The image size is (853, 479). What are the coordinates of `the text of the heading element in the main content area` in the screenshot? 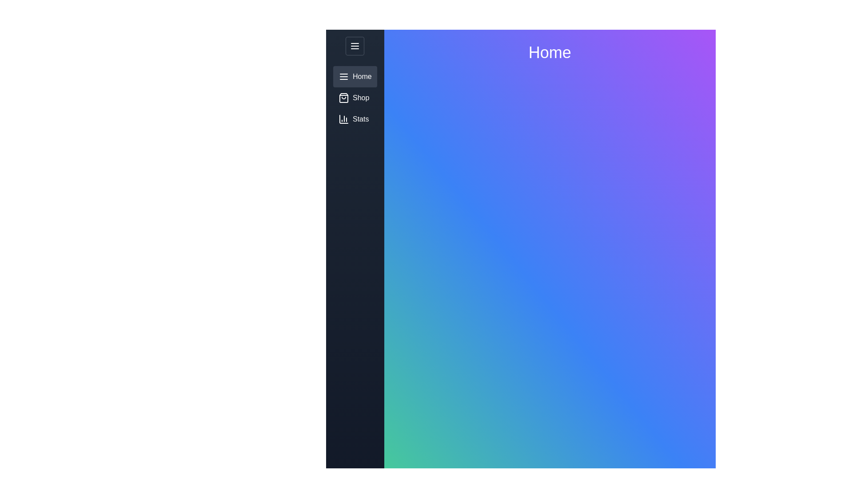 It's located at (549, 53).